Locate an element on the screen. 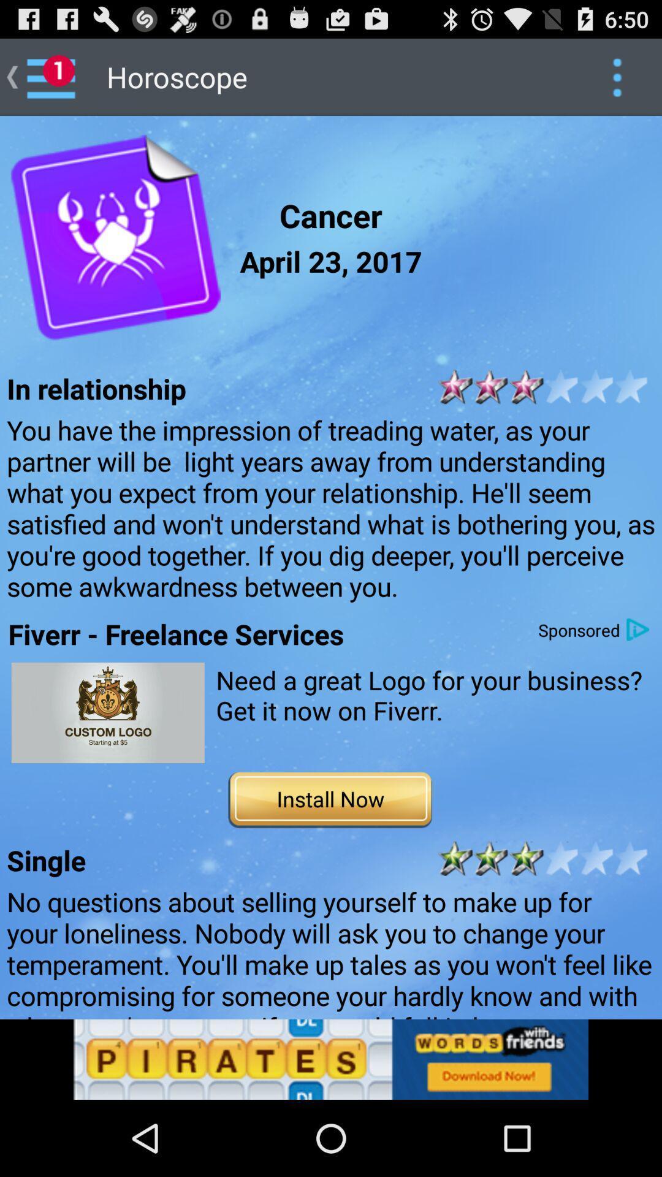 Image resolution: width=662 pixels, height=1177 pixels. go to fiverr app is located at coordinates (107, 712).